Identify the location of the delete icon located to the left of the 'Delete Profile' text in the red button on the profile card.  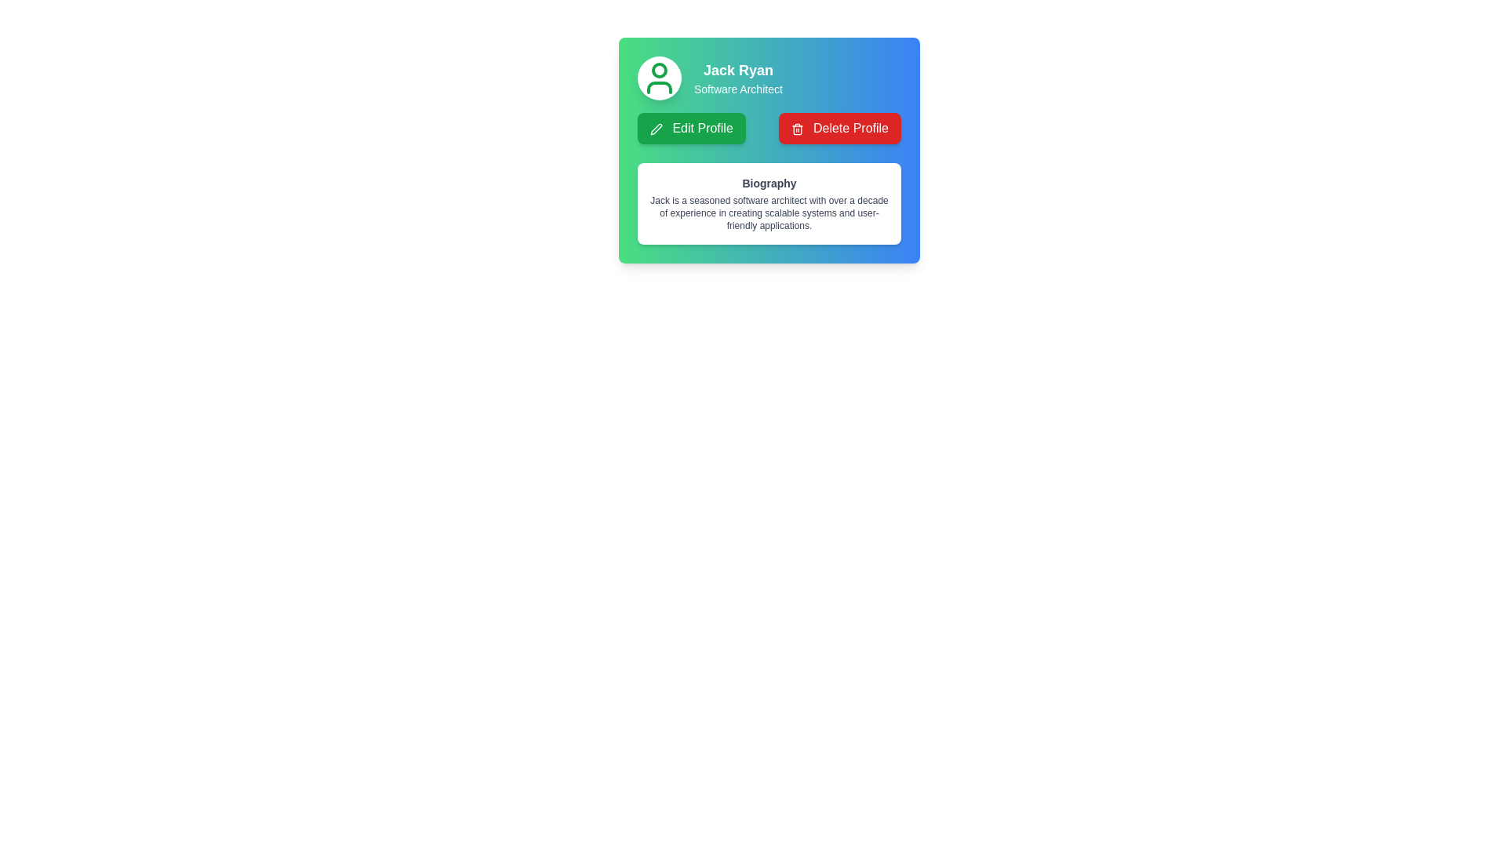
(797, 128).